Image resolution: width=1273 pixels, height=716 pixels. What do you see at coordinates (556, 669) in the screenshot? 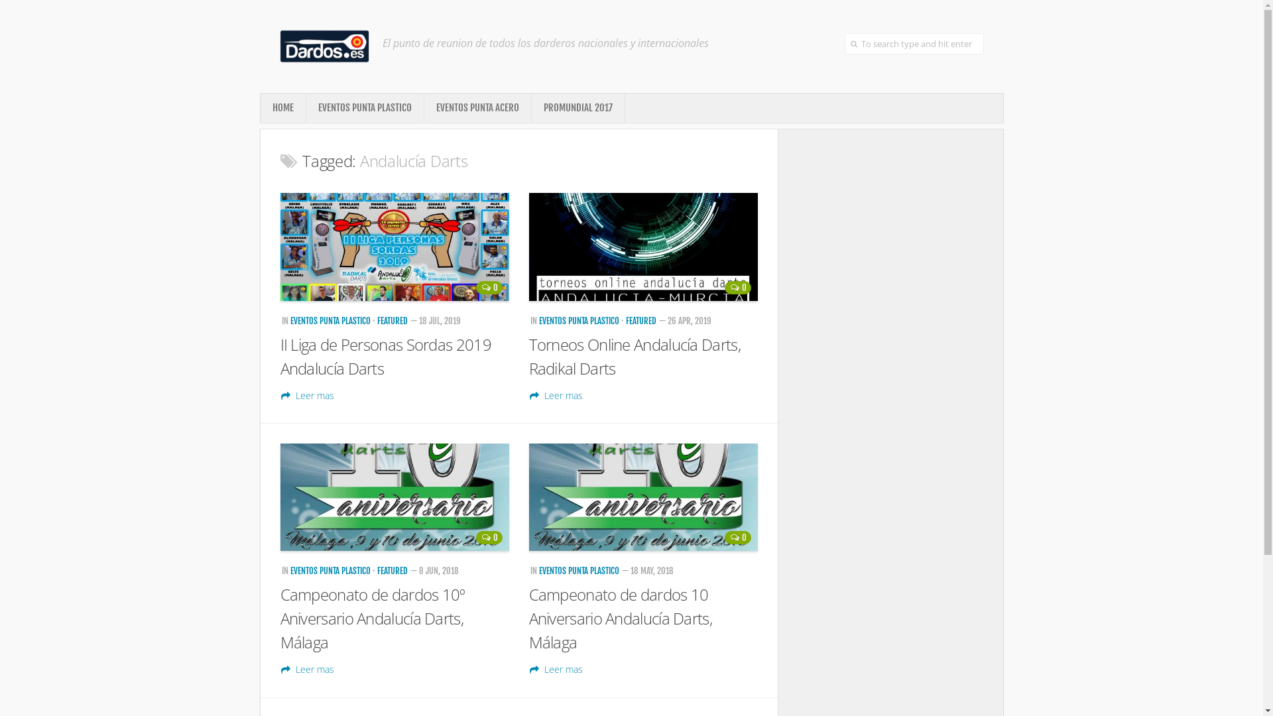
I see `'Leer mas'` at bounding box center [556, 669].